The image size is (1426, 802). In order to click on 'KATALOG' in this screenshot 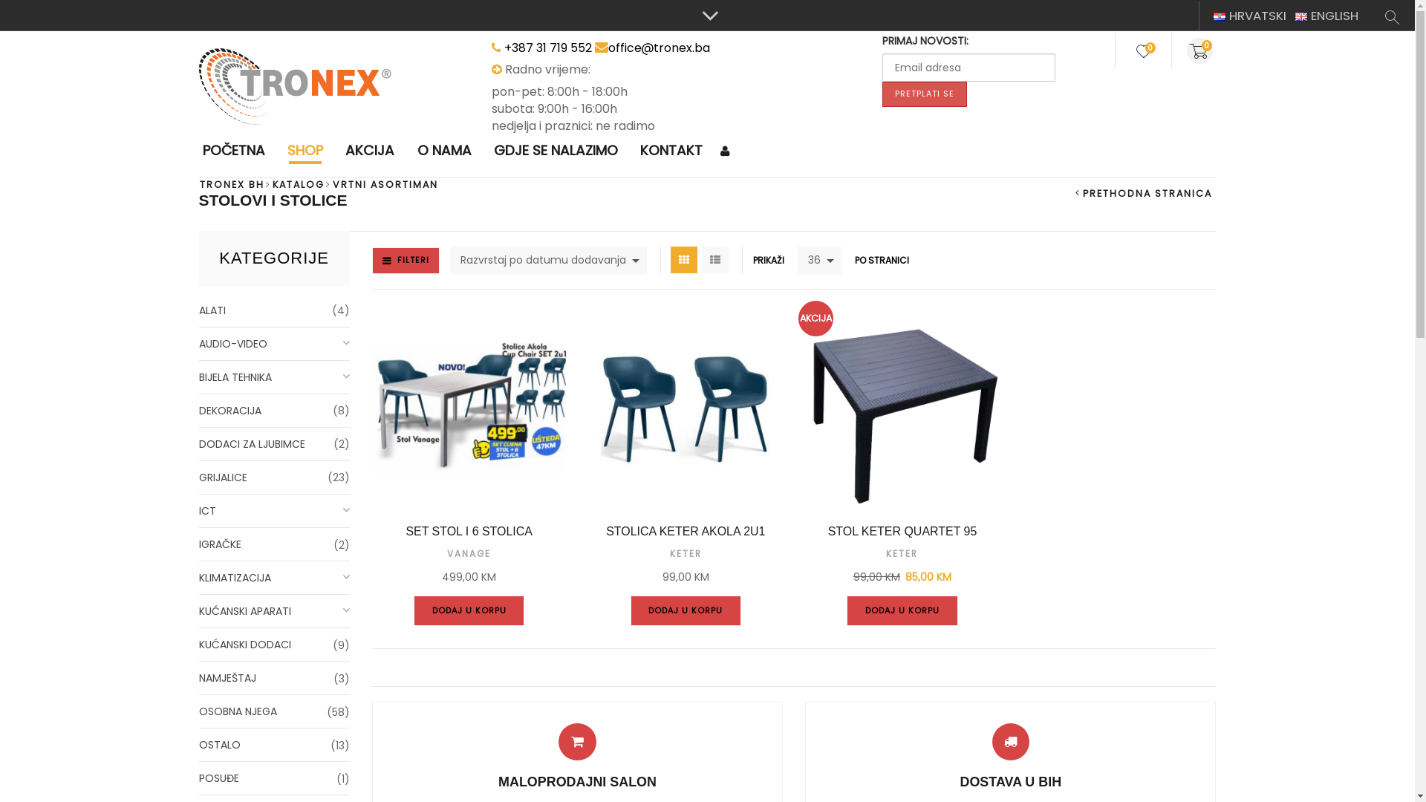, I will do `click(298, 183)`.